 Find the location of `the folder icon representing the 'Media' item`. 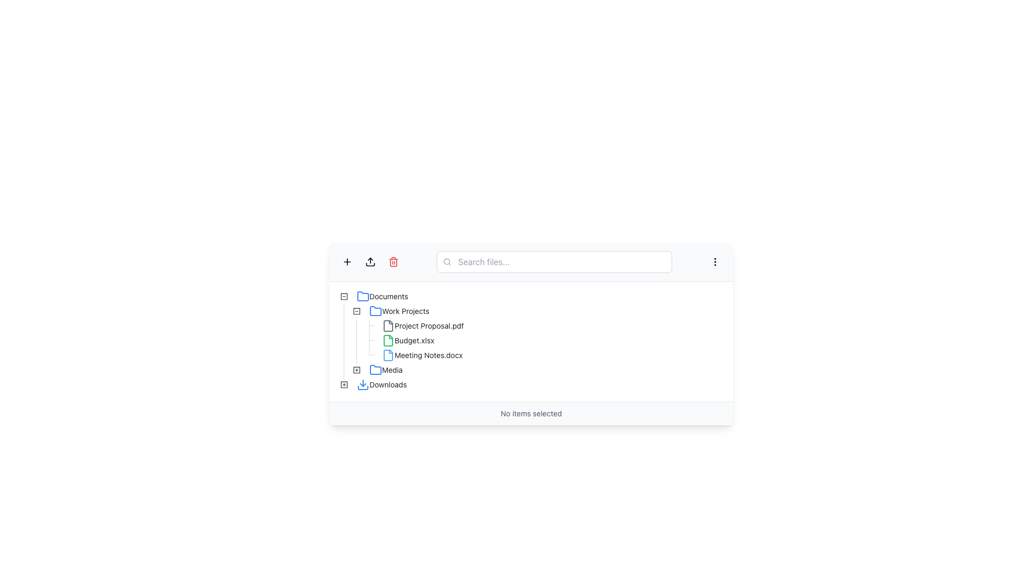

the folder icon representing the 'Media' item is located at coordinates (376, 370).